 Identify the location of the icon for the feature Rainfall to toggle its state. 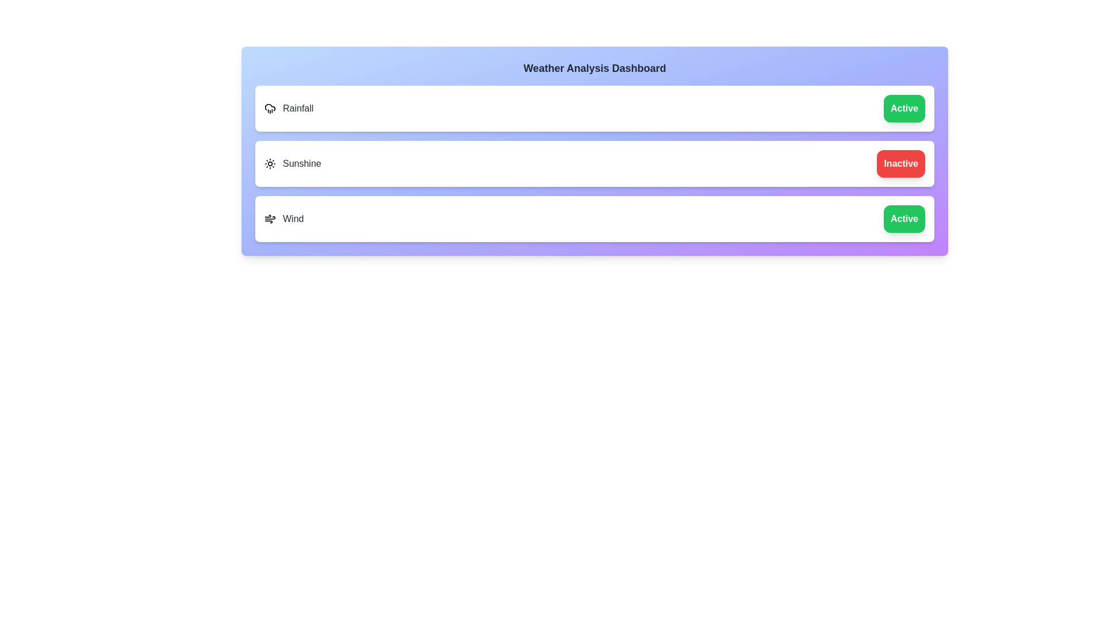
(270, 109).